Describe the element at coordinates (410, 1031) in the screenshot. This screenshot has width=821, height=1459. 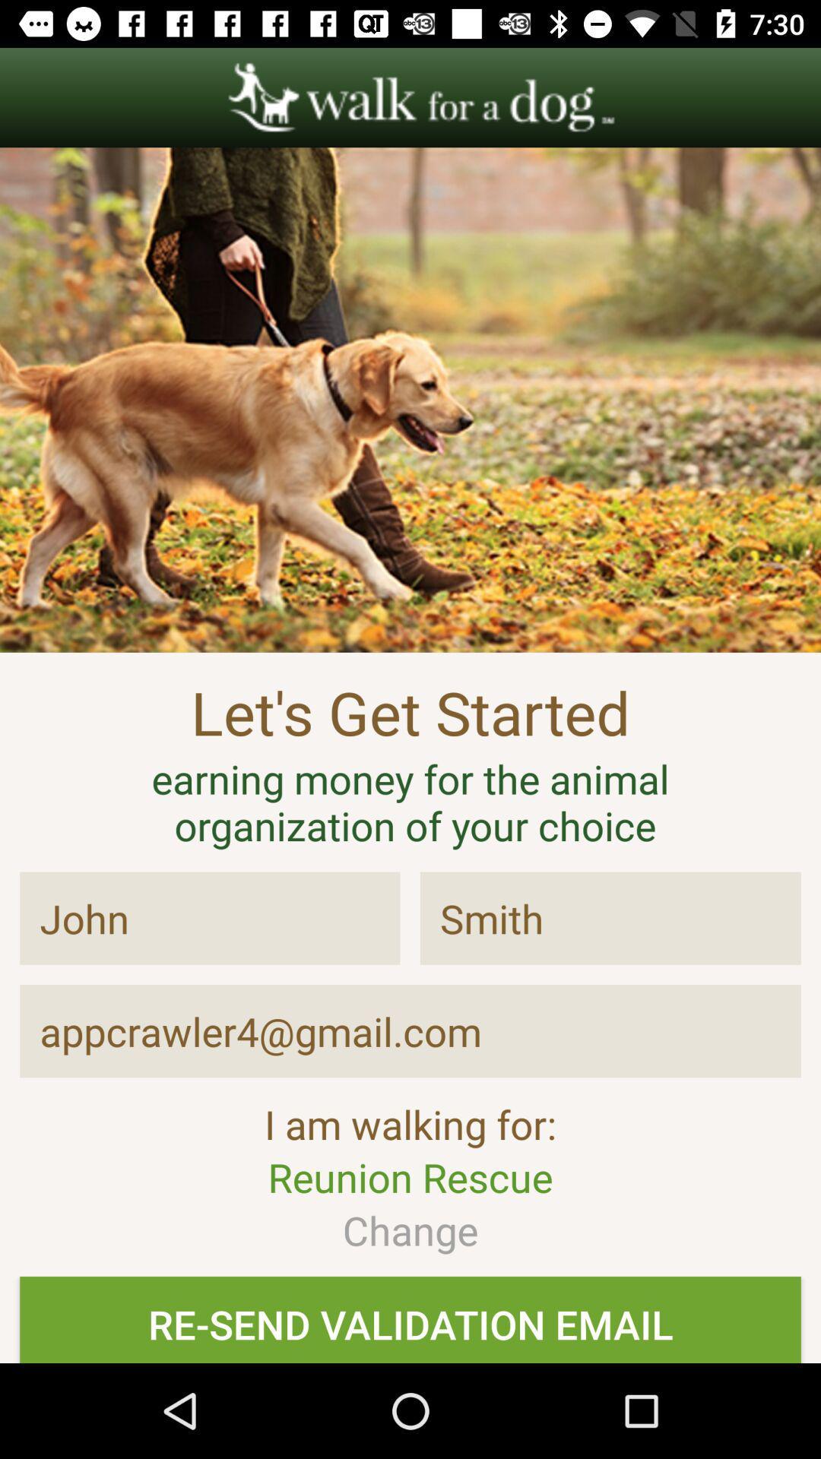
I see `appcrawler4gmailcom` at that location.